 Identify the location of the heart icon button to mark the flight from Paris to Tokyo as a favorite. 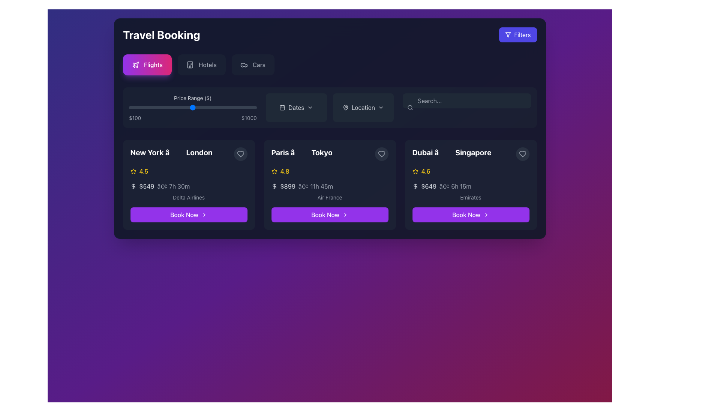
(240, 154).